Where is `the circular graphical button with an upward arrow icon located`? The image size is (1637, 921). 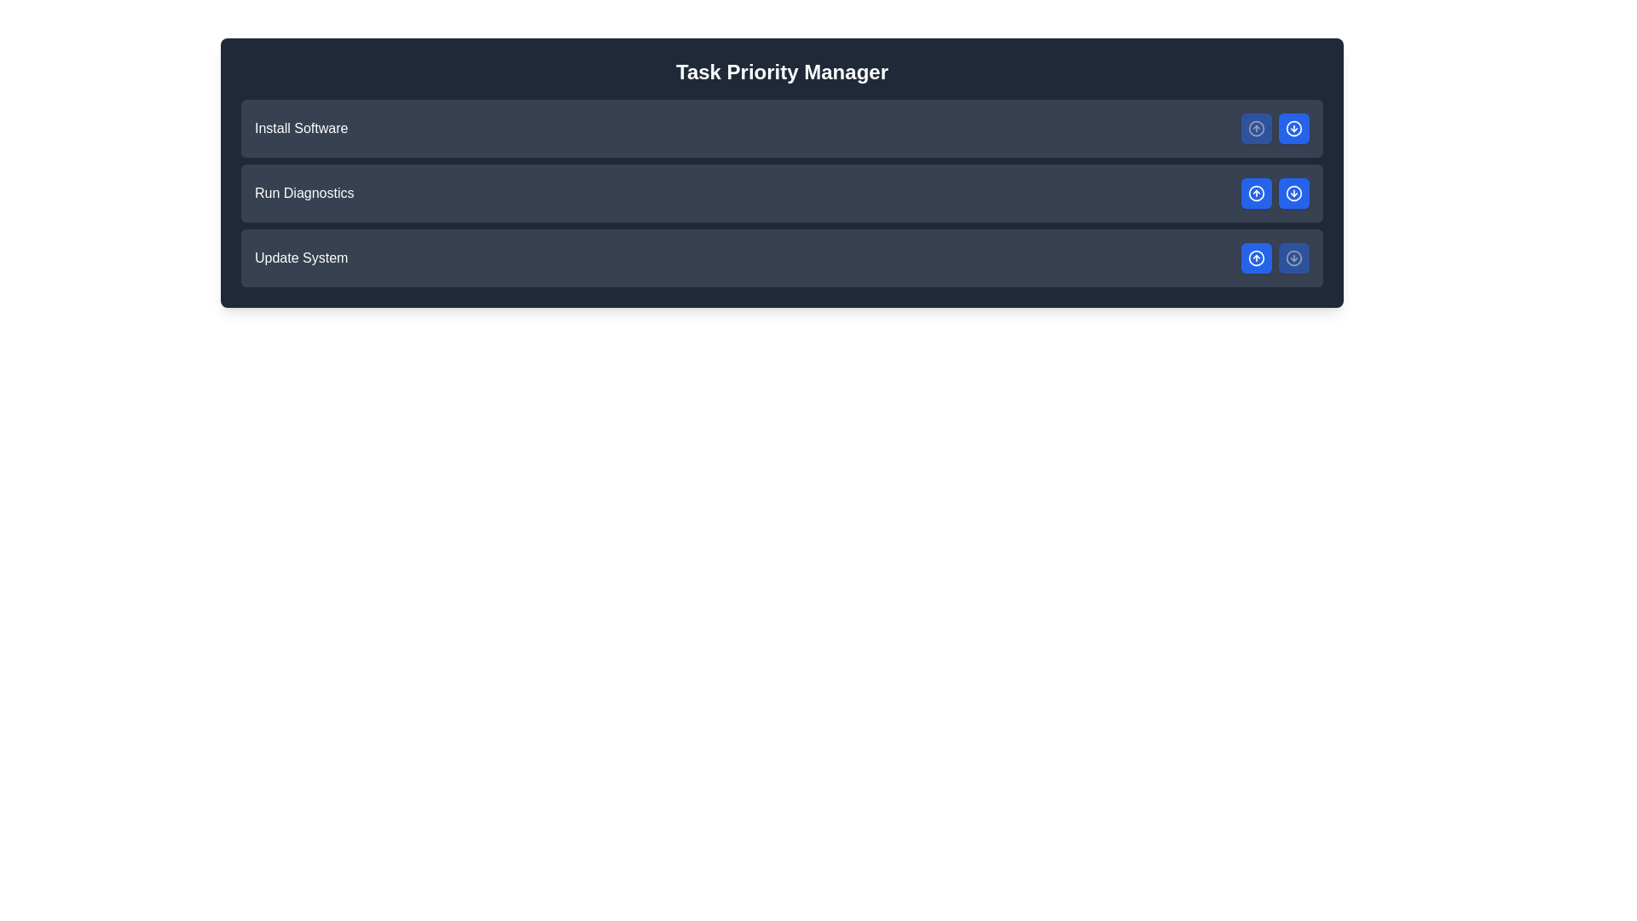
the circular graphical button with an upward arrow icon located is located at coordinates (1256, 258).